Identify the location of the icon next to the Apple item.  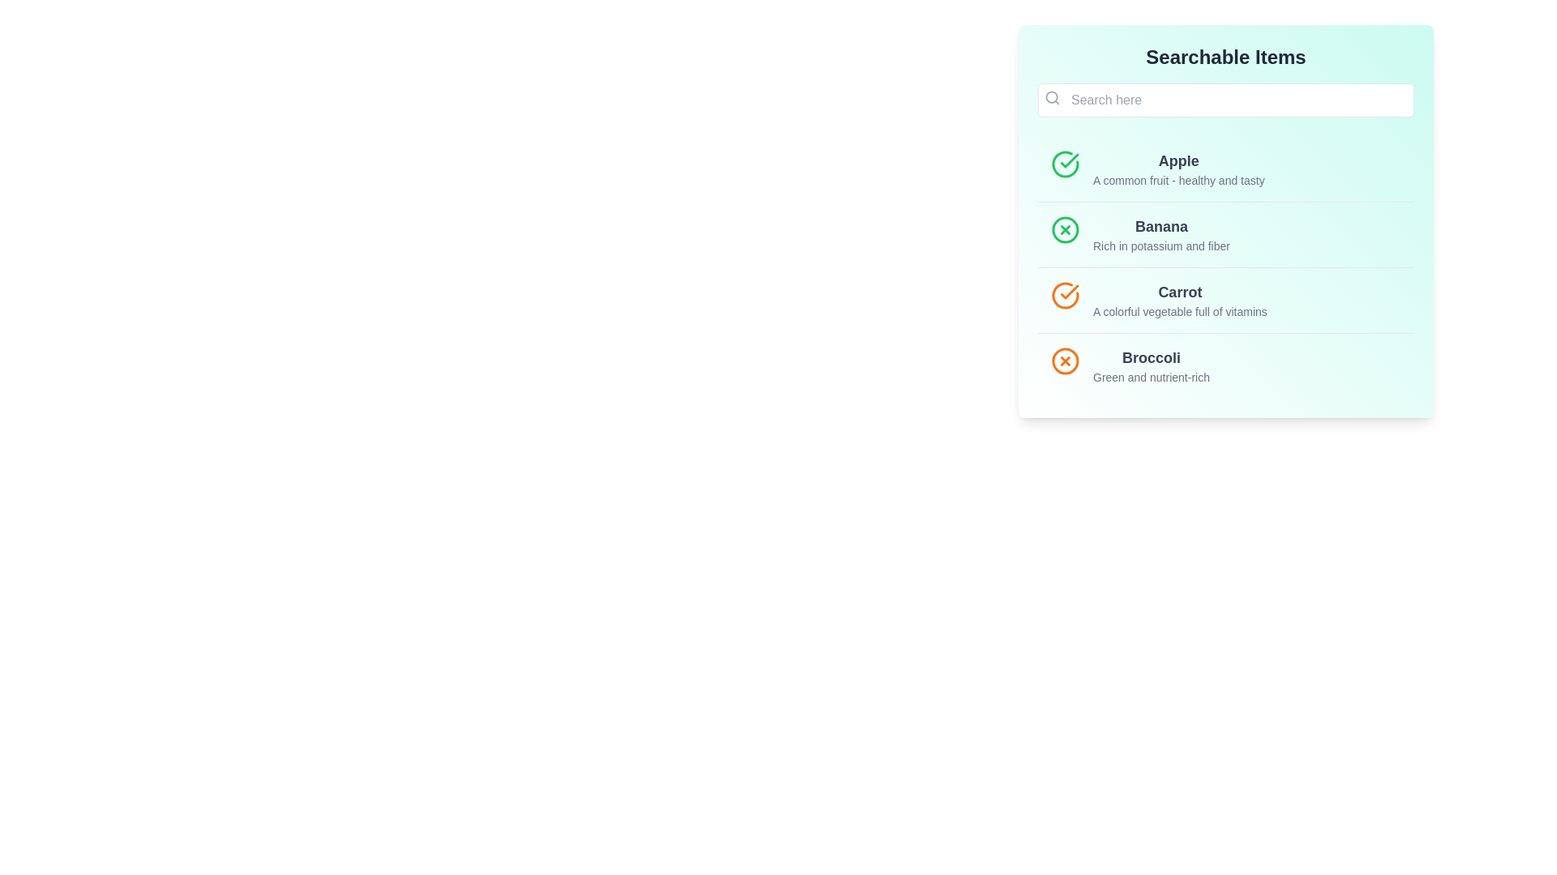
(1066, 164).